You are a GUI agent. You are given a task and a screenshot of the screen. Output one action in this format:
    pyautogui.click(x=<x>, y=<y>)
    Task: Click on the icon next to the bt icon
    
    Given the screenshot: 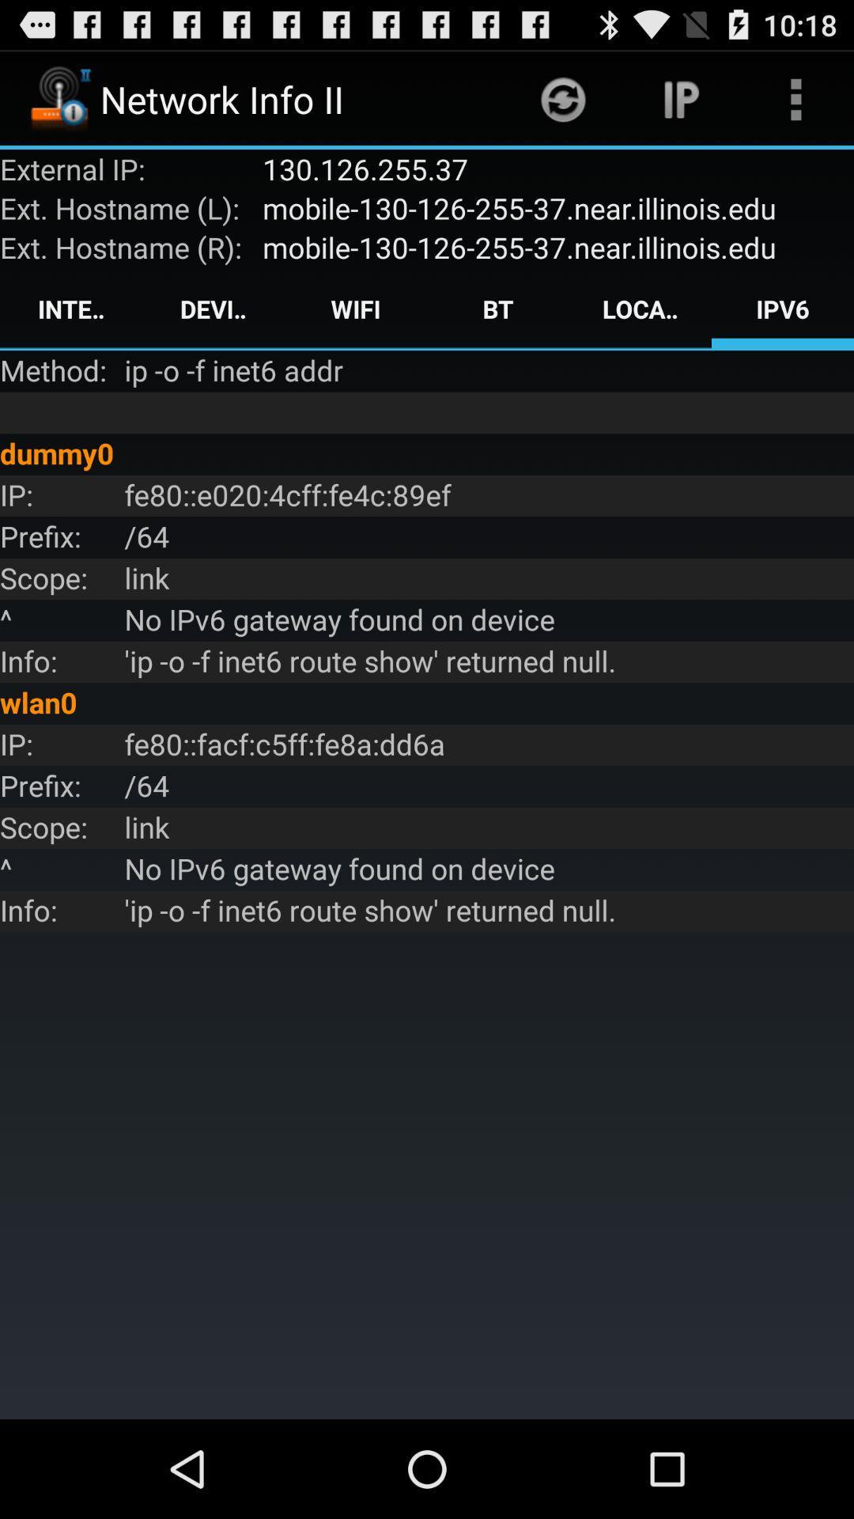 What is the action you would take?
    pyautogui.click(x=356, y=309)
    